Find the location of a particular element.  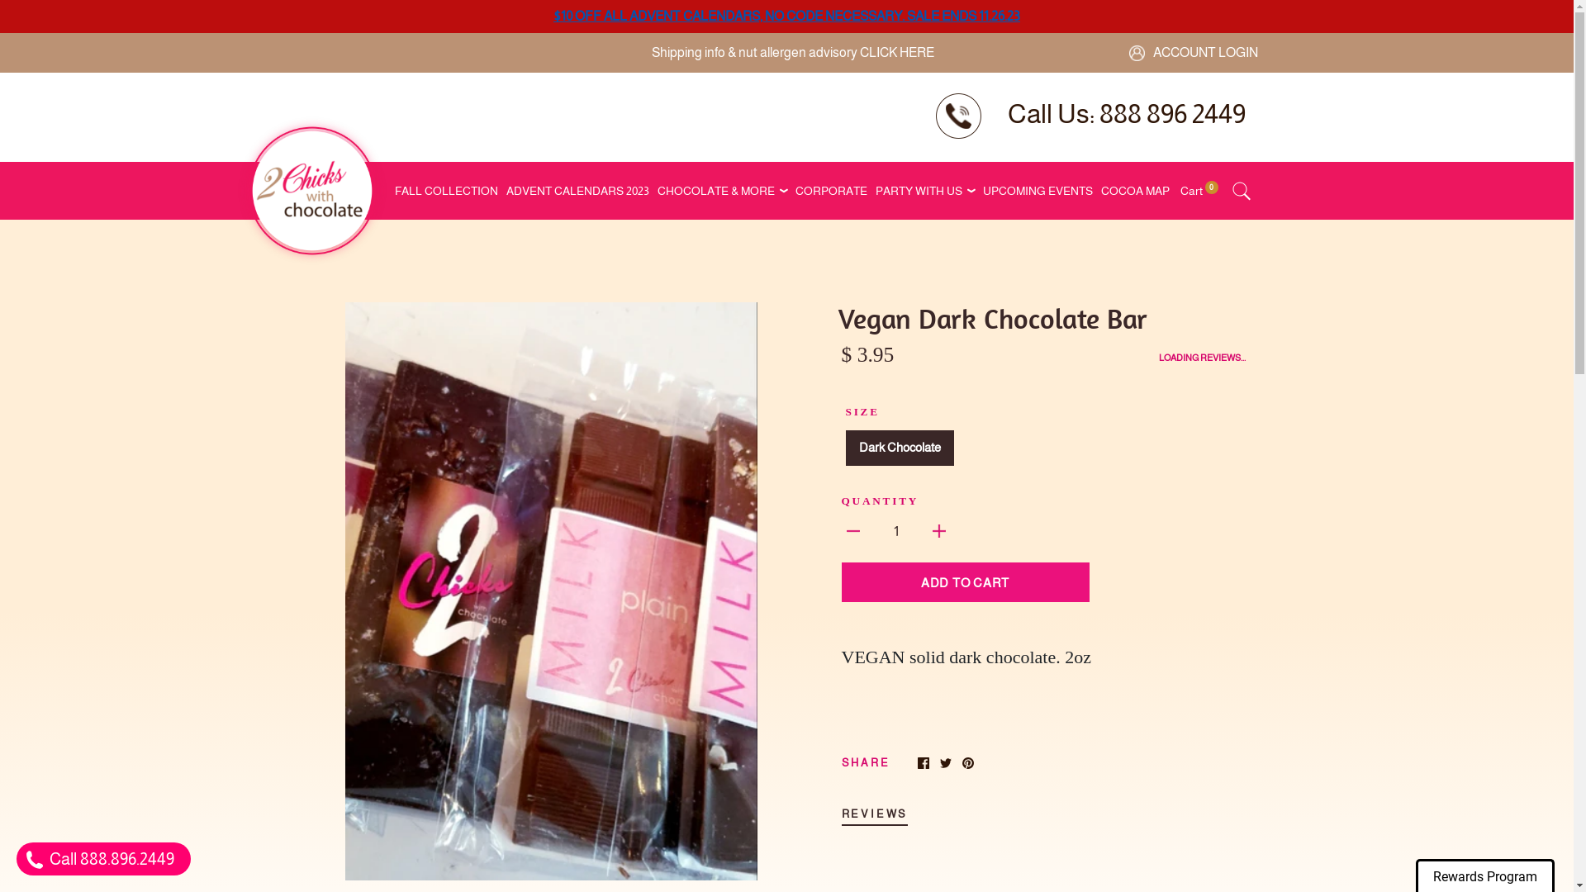

'CLICK HERE' is located at coordinates (895, 51).